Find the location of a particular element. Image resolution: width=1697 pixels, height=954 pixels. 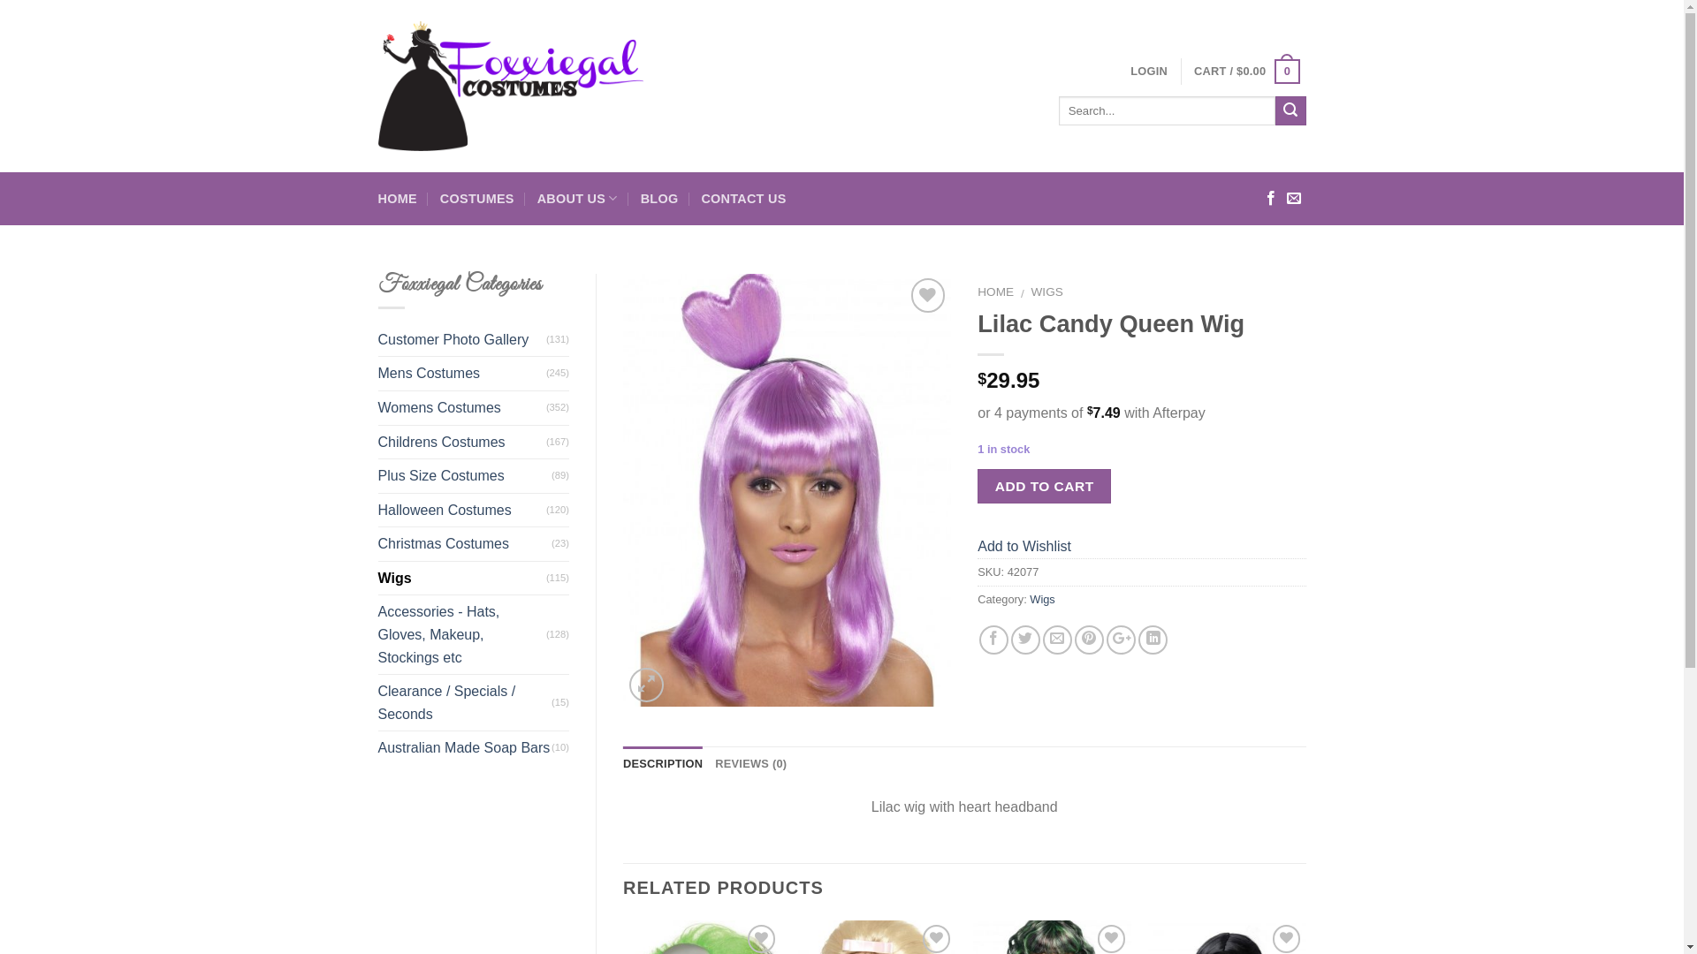

'Customer Photo Gallery' is located at coordinates (462, 340).